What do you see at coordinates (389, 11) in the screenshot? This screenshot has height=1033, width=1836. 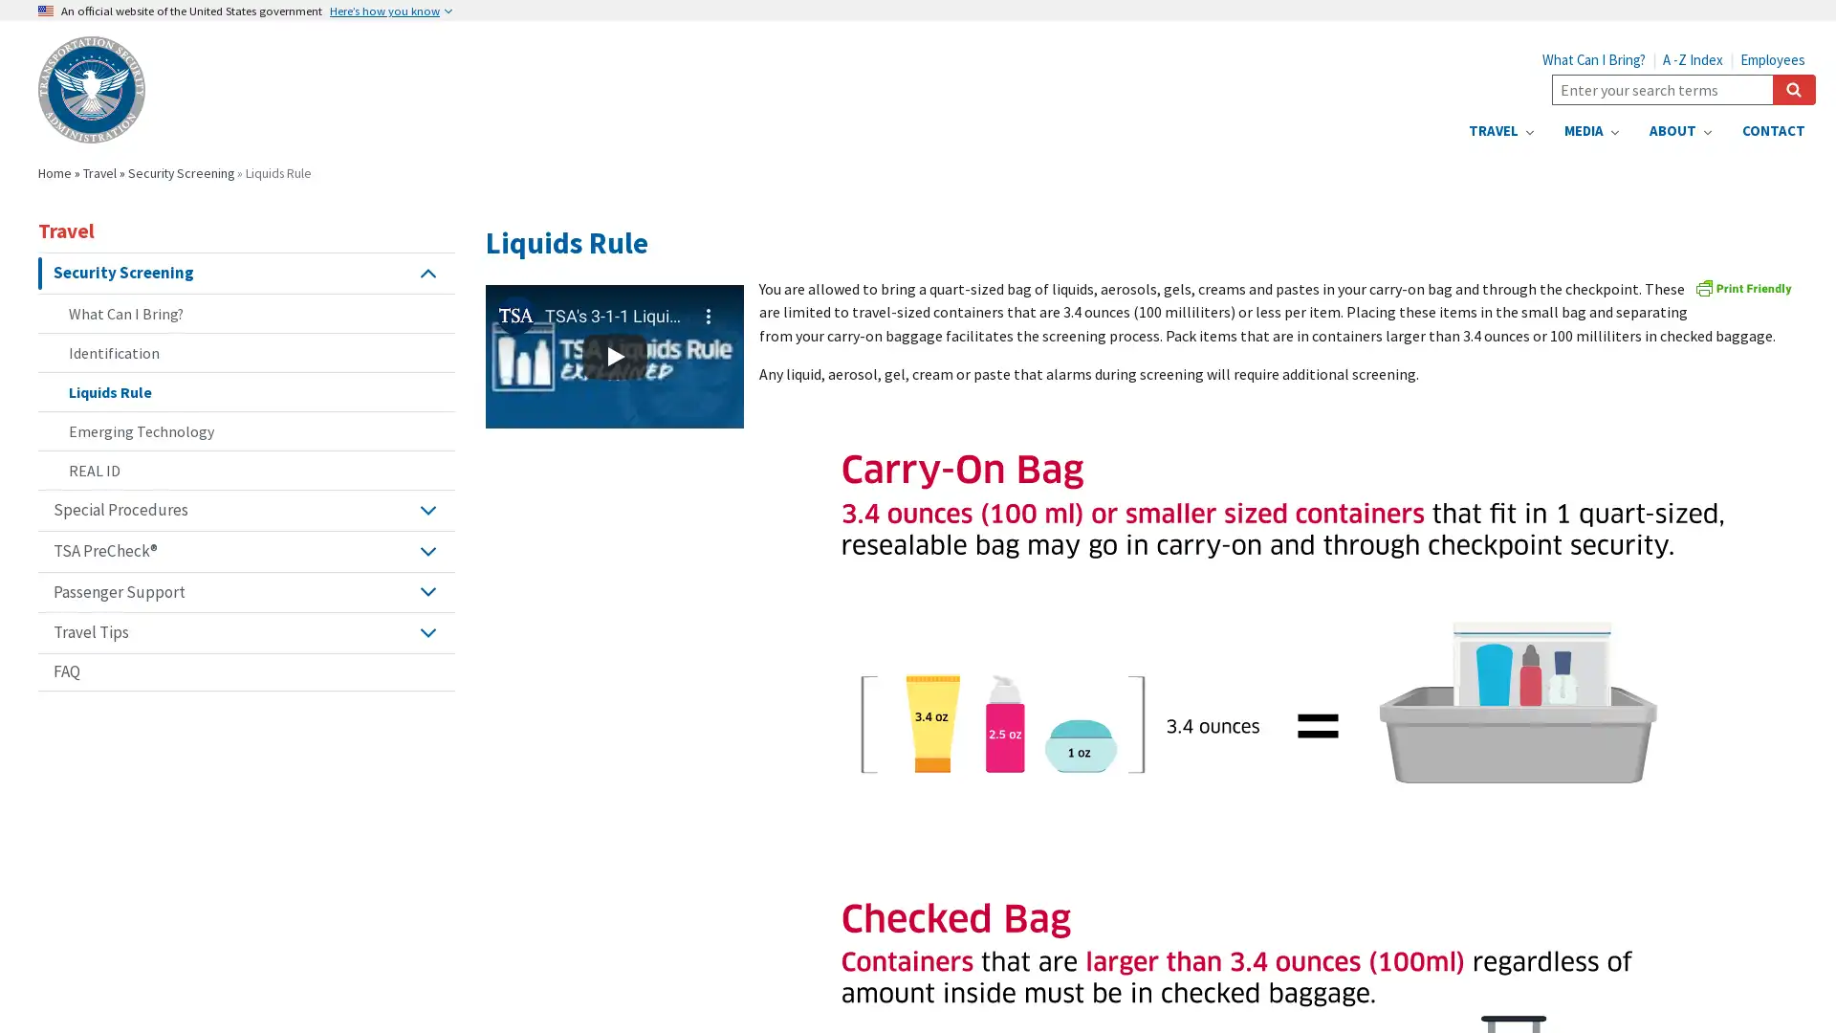 I see `Heres how you know` at bounding box center [389, 11].